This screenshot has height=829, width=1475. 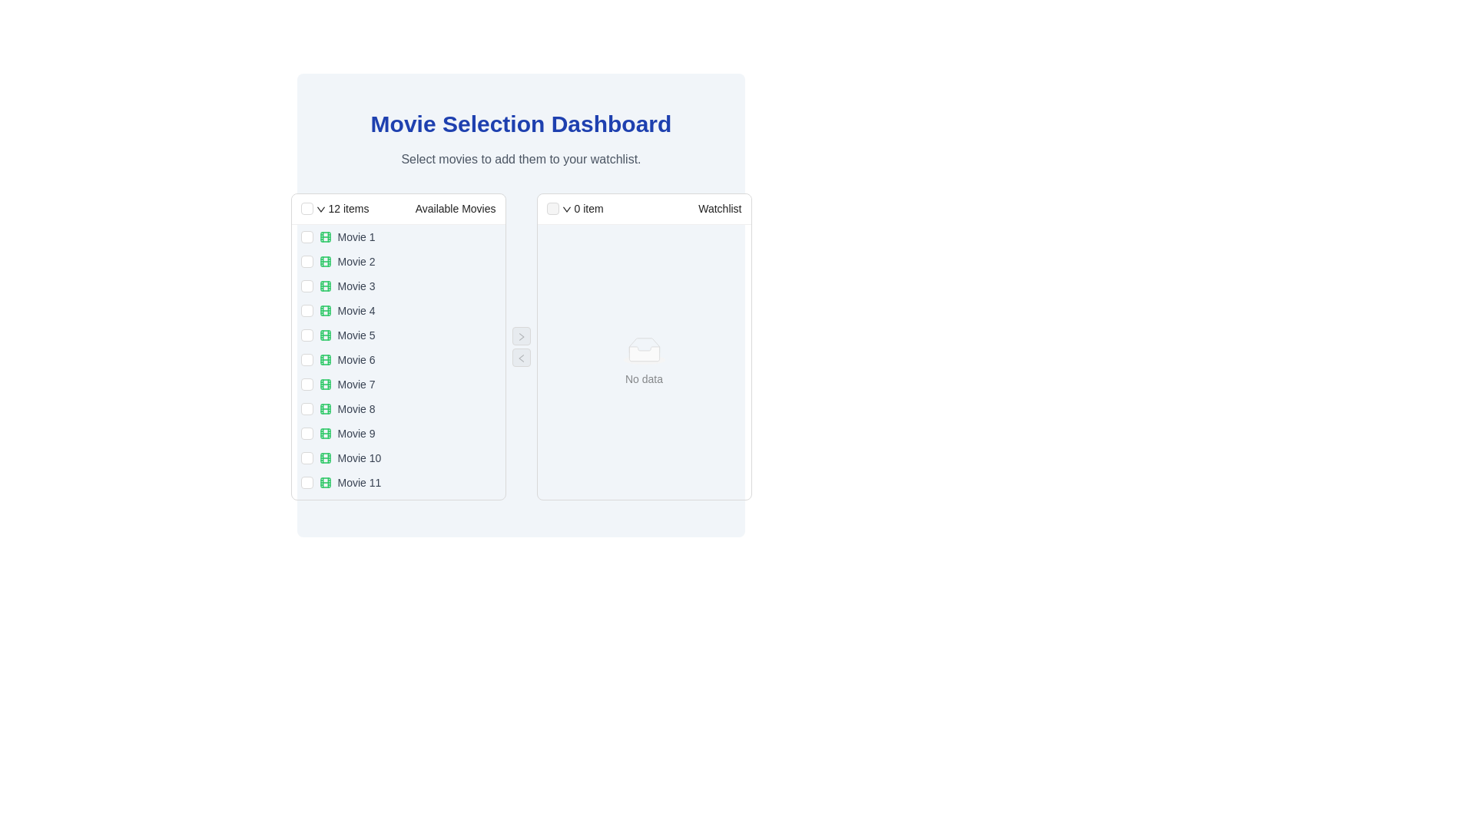 What do you see at coordinates (356, 408) in the screenshot?
I see `the text label displaying 'Movie 8'` at bounding box center [356, 408].